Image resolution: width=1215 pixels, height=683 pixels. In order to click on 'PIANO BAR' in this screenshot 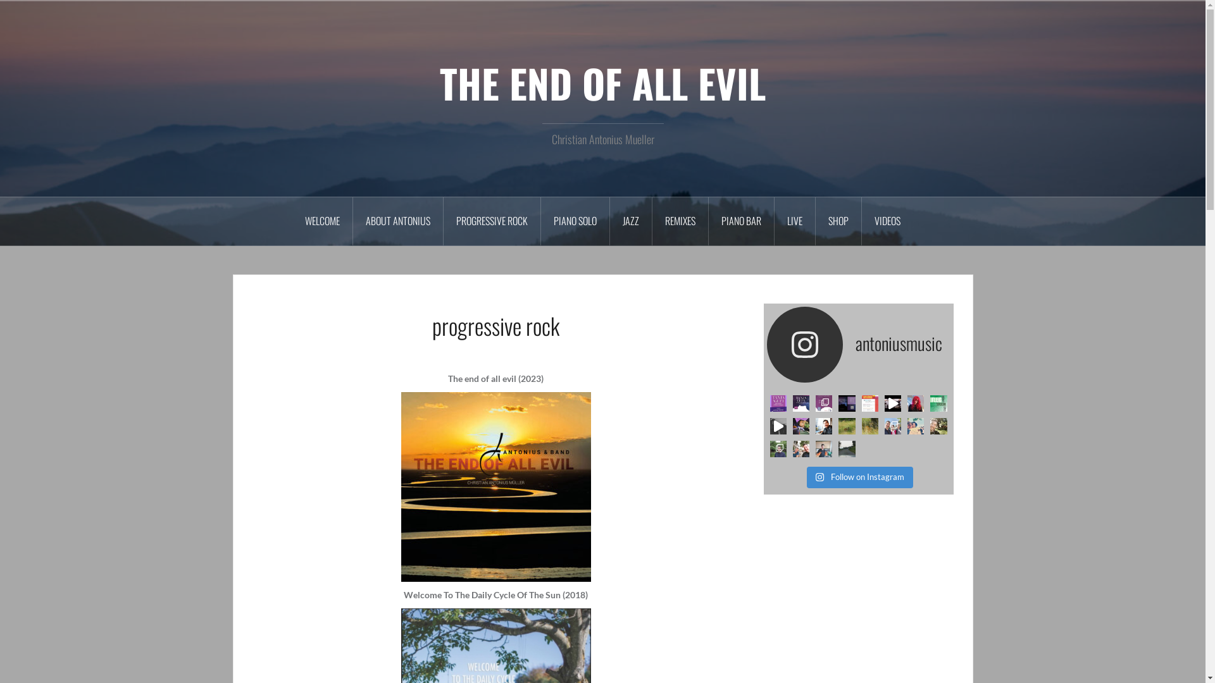, I will do `click(741, 221)`.